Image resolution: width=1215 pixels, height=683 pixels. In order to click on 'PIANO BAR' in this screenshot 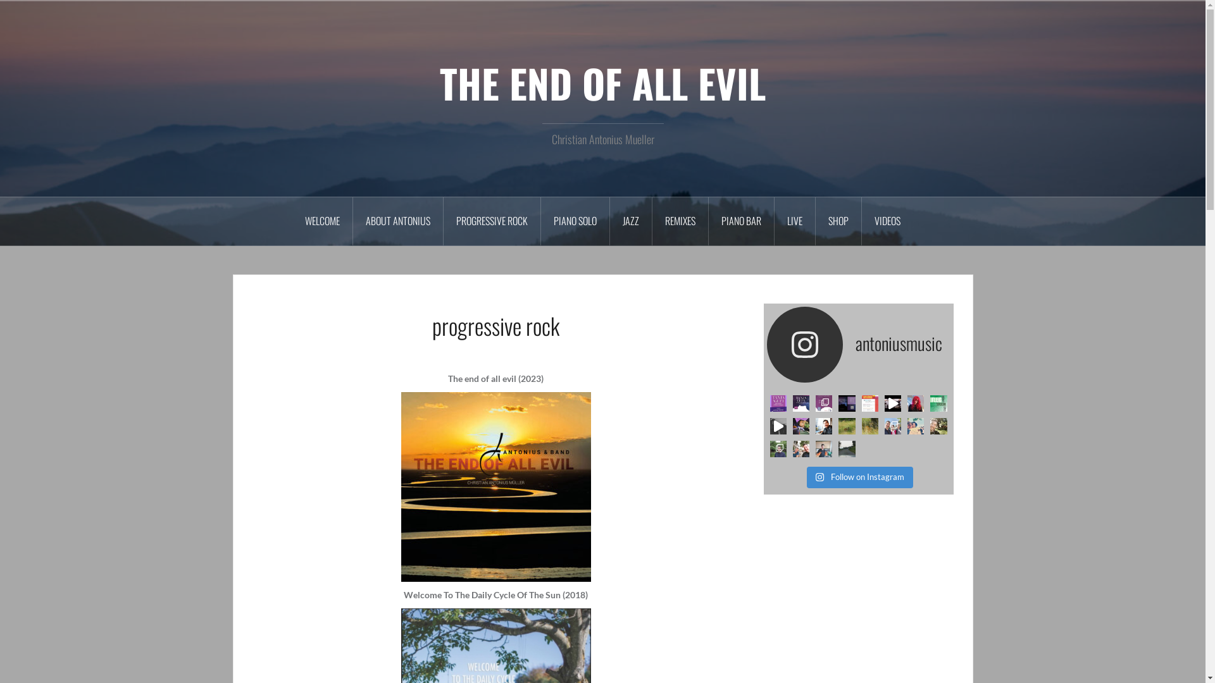, I will do `click(741, 221)`.